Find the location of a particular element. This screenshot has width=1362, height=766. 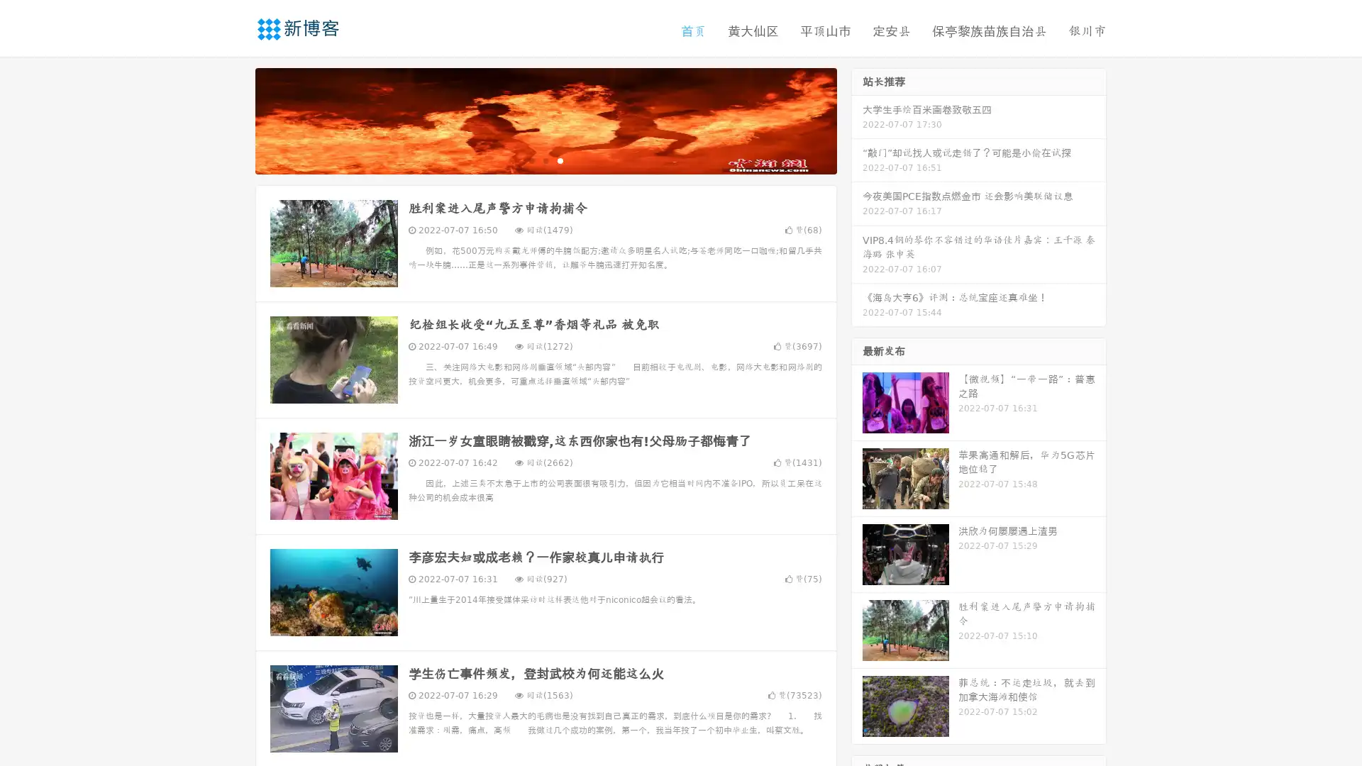

Next slide is located at coordinates (857, 119).